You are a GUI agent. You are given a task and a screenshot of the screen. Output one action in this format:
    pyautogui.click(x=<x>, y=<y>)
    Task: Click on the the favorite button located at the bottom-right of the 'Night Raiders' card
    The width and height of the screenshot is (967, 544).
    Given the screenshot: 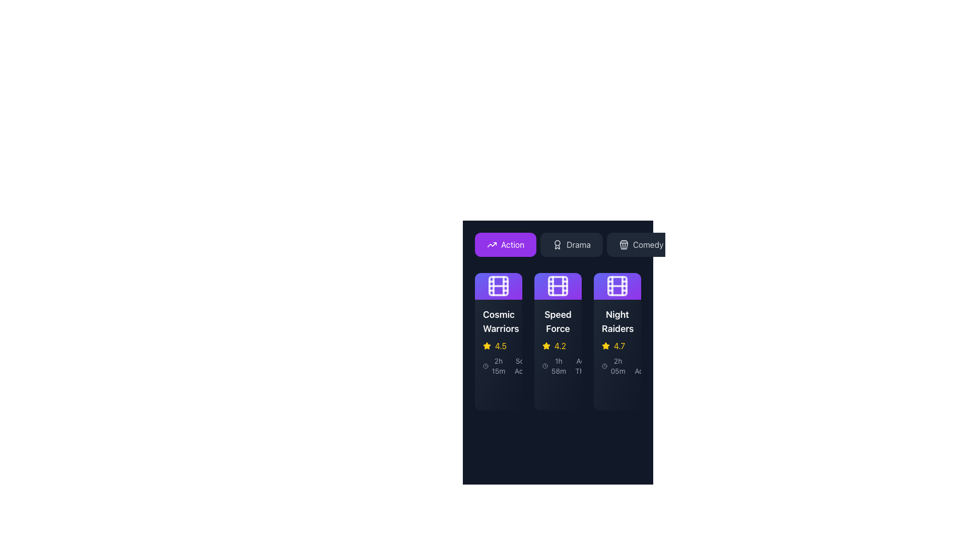 What is the action you would take?
    pyautogui.click(x=654, y=391)
    